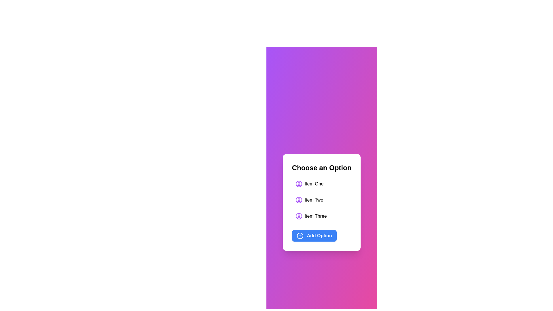 Image resolution: width=553 pixels, height=311 pixels. I want to click on the 'Add Option' button, so click(314, 236).